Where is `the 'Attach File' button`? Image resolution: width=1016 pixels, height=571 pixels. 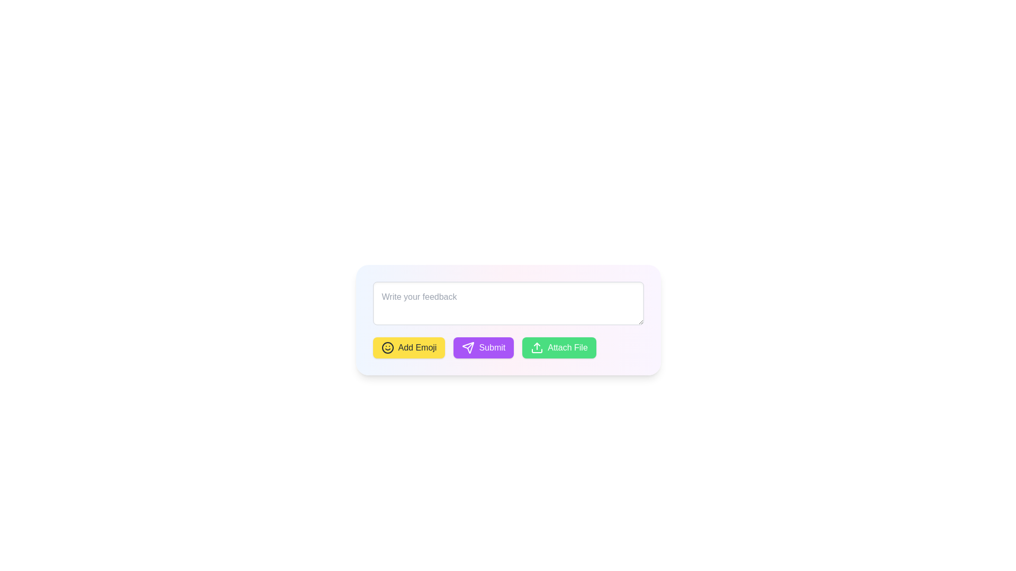 the 'Attach File' button is located at coordinates (558, 348).